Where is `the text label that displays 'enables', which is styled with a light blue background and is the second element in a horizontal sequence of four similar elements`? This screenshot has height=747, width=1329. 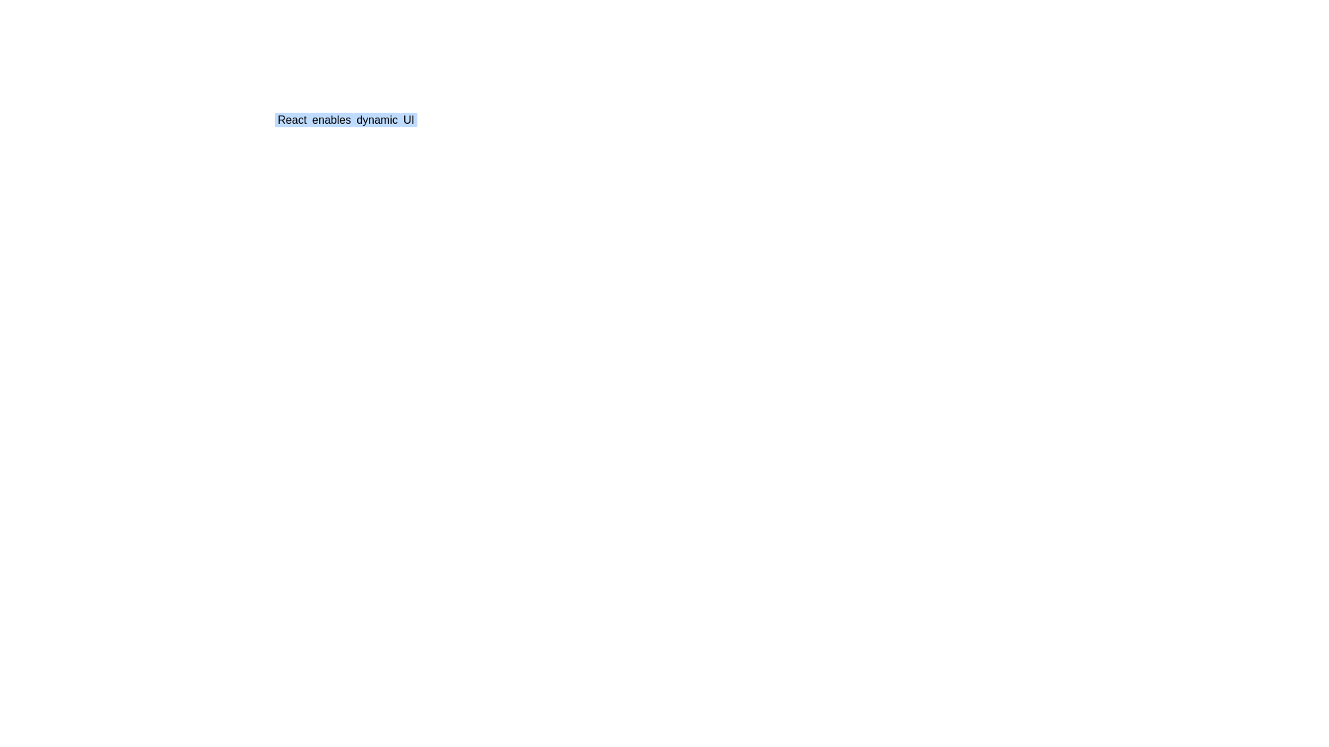 the text label that displays 'enables', which is styled with a light blue background and is the second element in a horizontal sequence of four similar elements is located at coordinates (331, 119).